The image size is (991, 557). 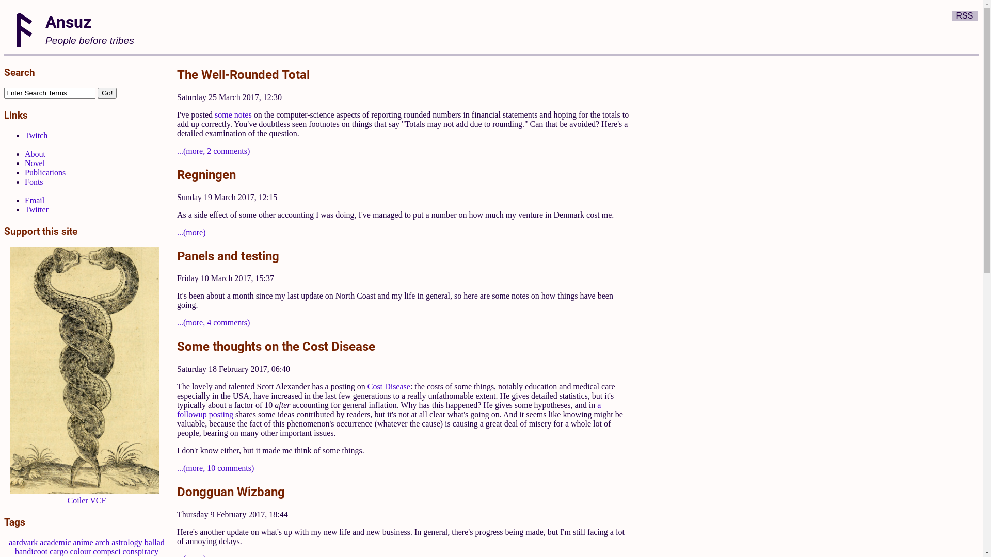 What do you see at coordinates (143, 542) in the screenshot?
I see `'ballad'` at bounding box center [143, 542].